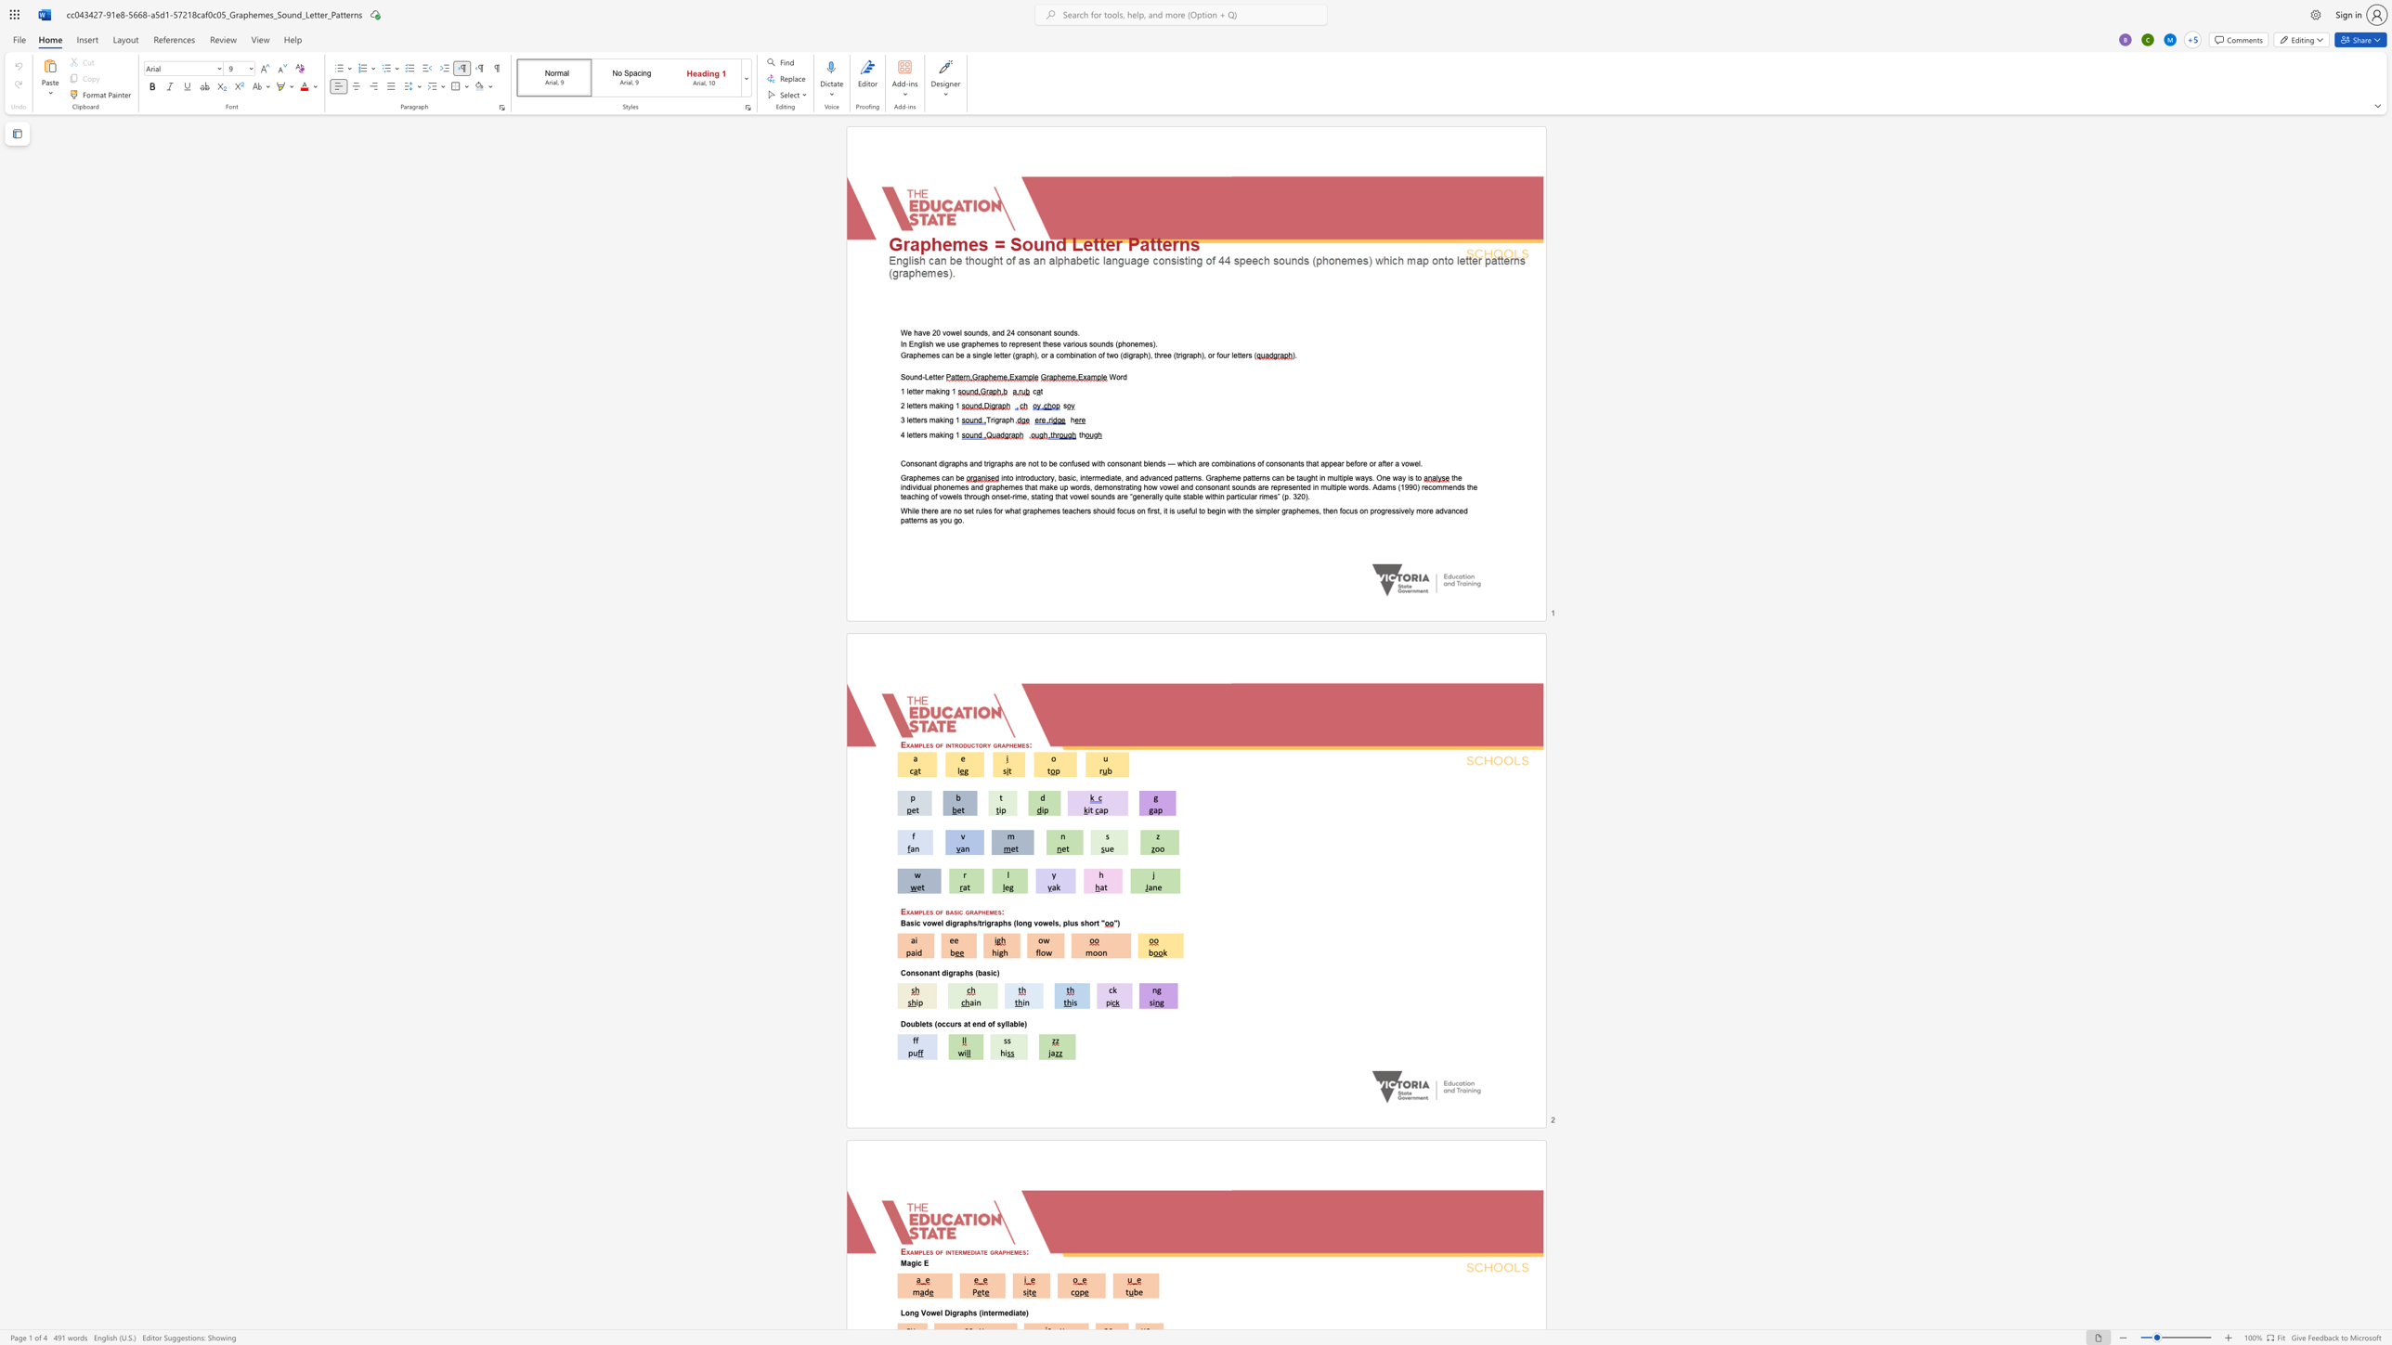 This screenshot has width=2392, height=1345. Describe the element at coordinates (915, 420) in the screenshot. I see `the 2th character "t" in the text` at that location.